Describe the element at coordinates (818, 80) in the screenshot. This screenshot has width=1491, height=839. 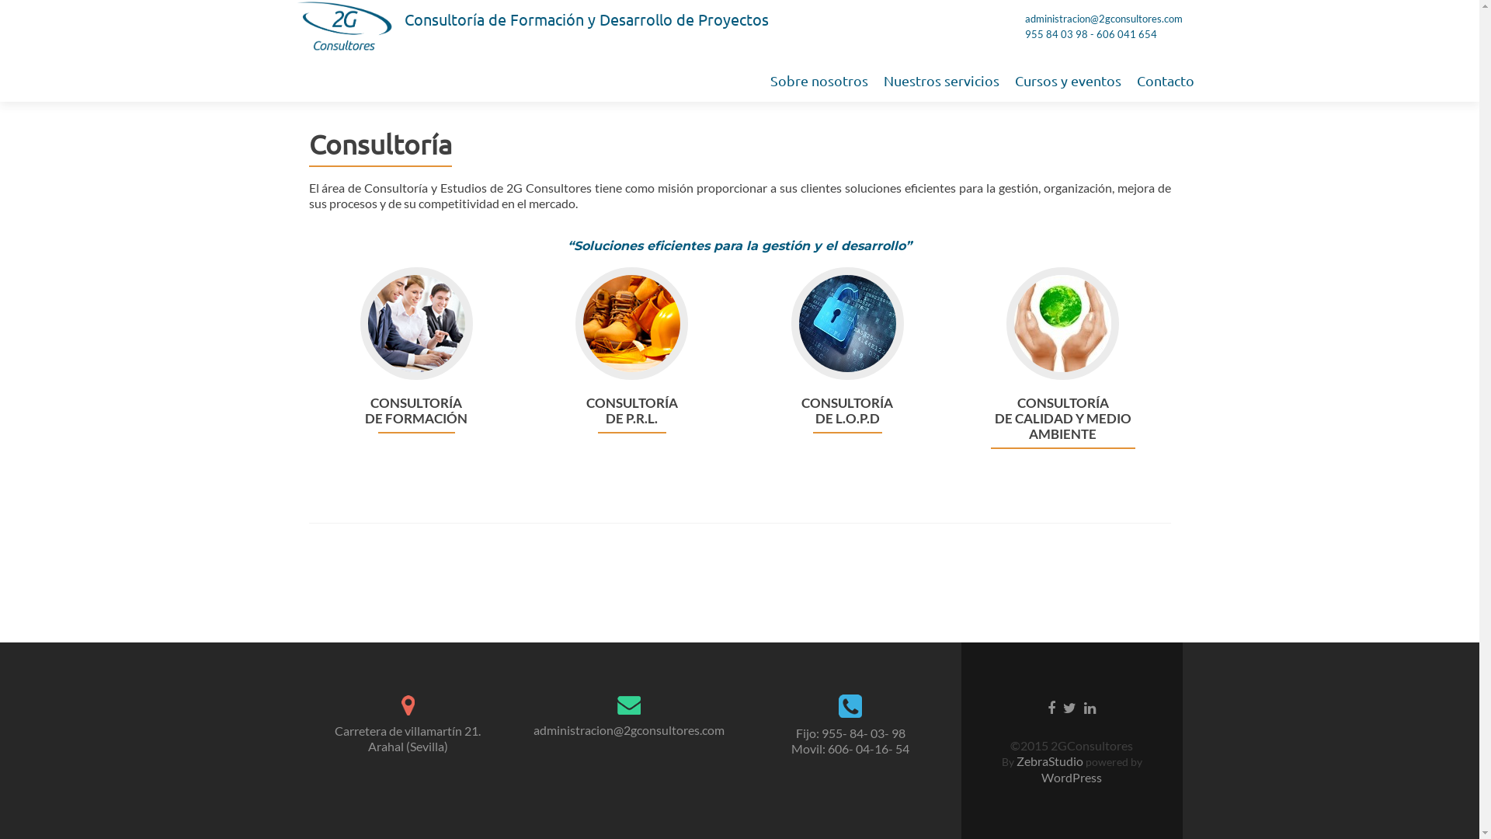
I see `'Sobre nosotros'` at that location.